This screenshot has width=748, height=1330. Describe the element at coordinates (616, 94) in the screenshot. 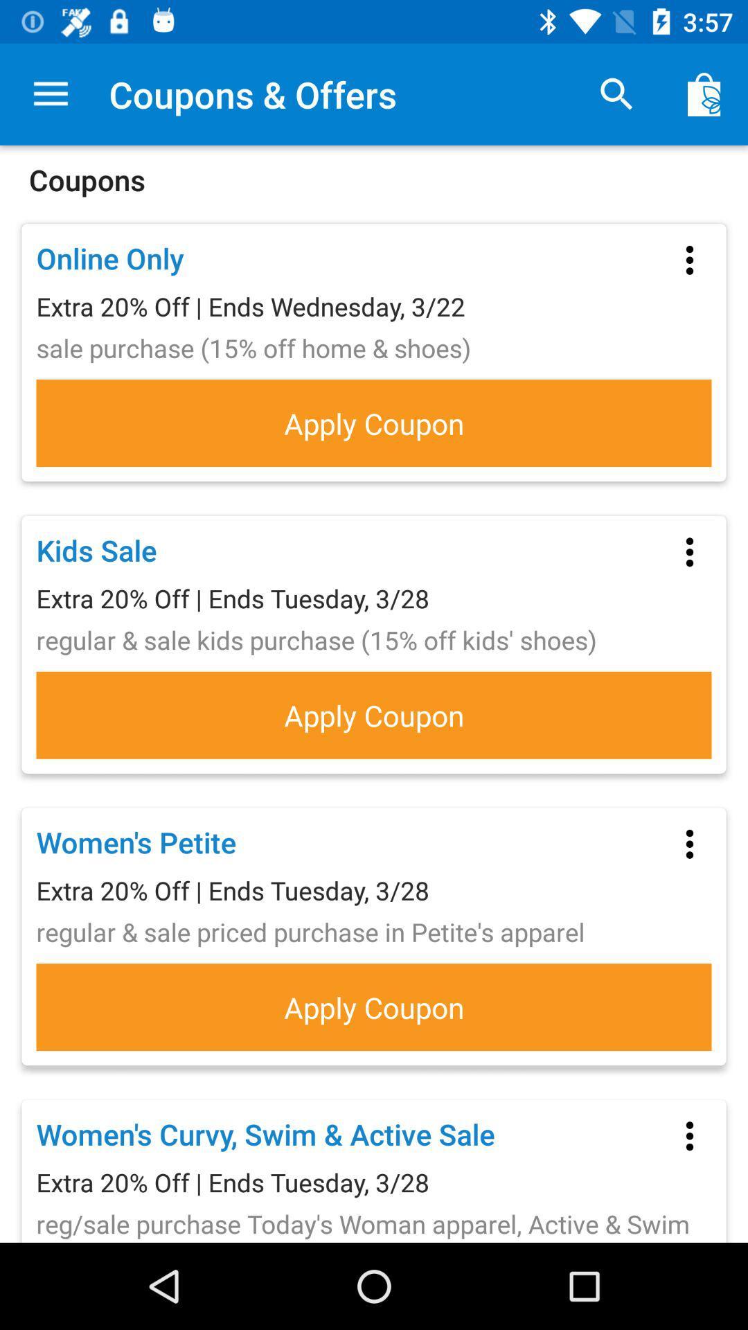

I see `the item next to the coupons & offers item` at that location.